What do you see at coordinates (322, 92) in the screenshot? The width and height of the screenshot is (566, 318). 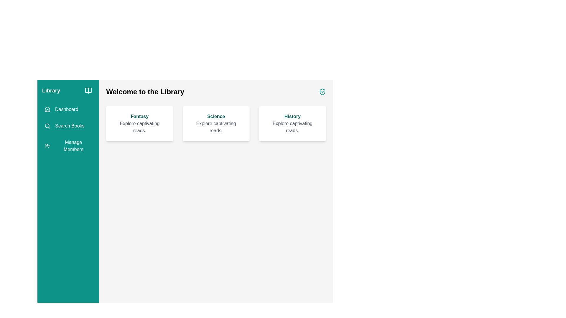 I see `the secure state icon located in the top-right corner of the application interface, which indicates success or security` at bounding box center [322, 92].